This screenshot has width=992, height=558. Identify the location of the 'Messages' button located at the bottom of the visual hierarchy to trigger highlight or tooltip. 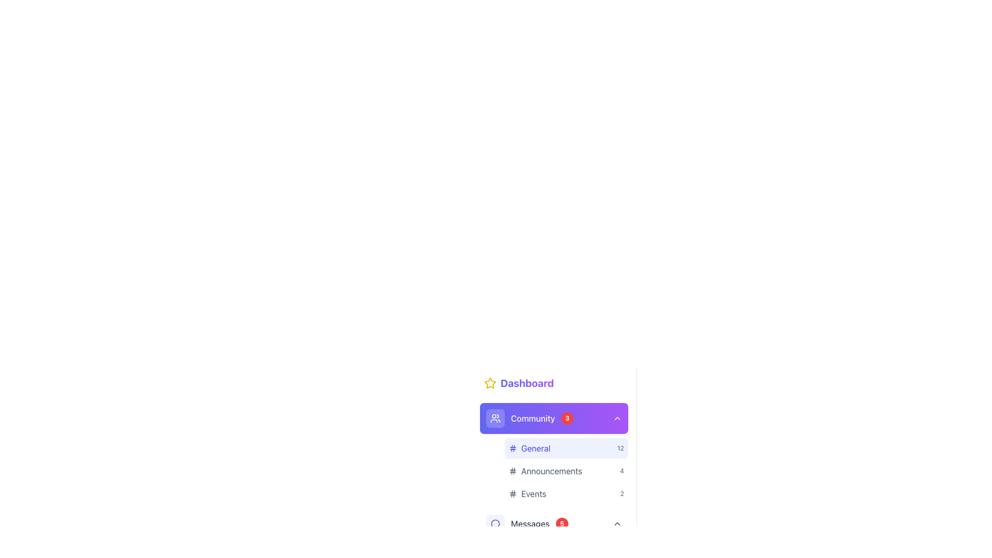
(553, 524).